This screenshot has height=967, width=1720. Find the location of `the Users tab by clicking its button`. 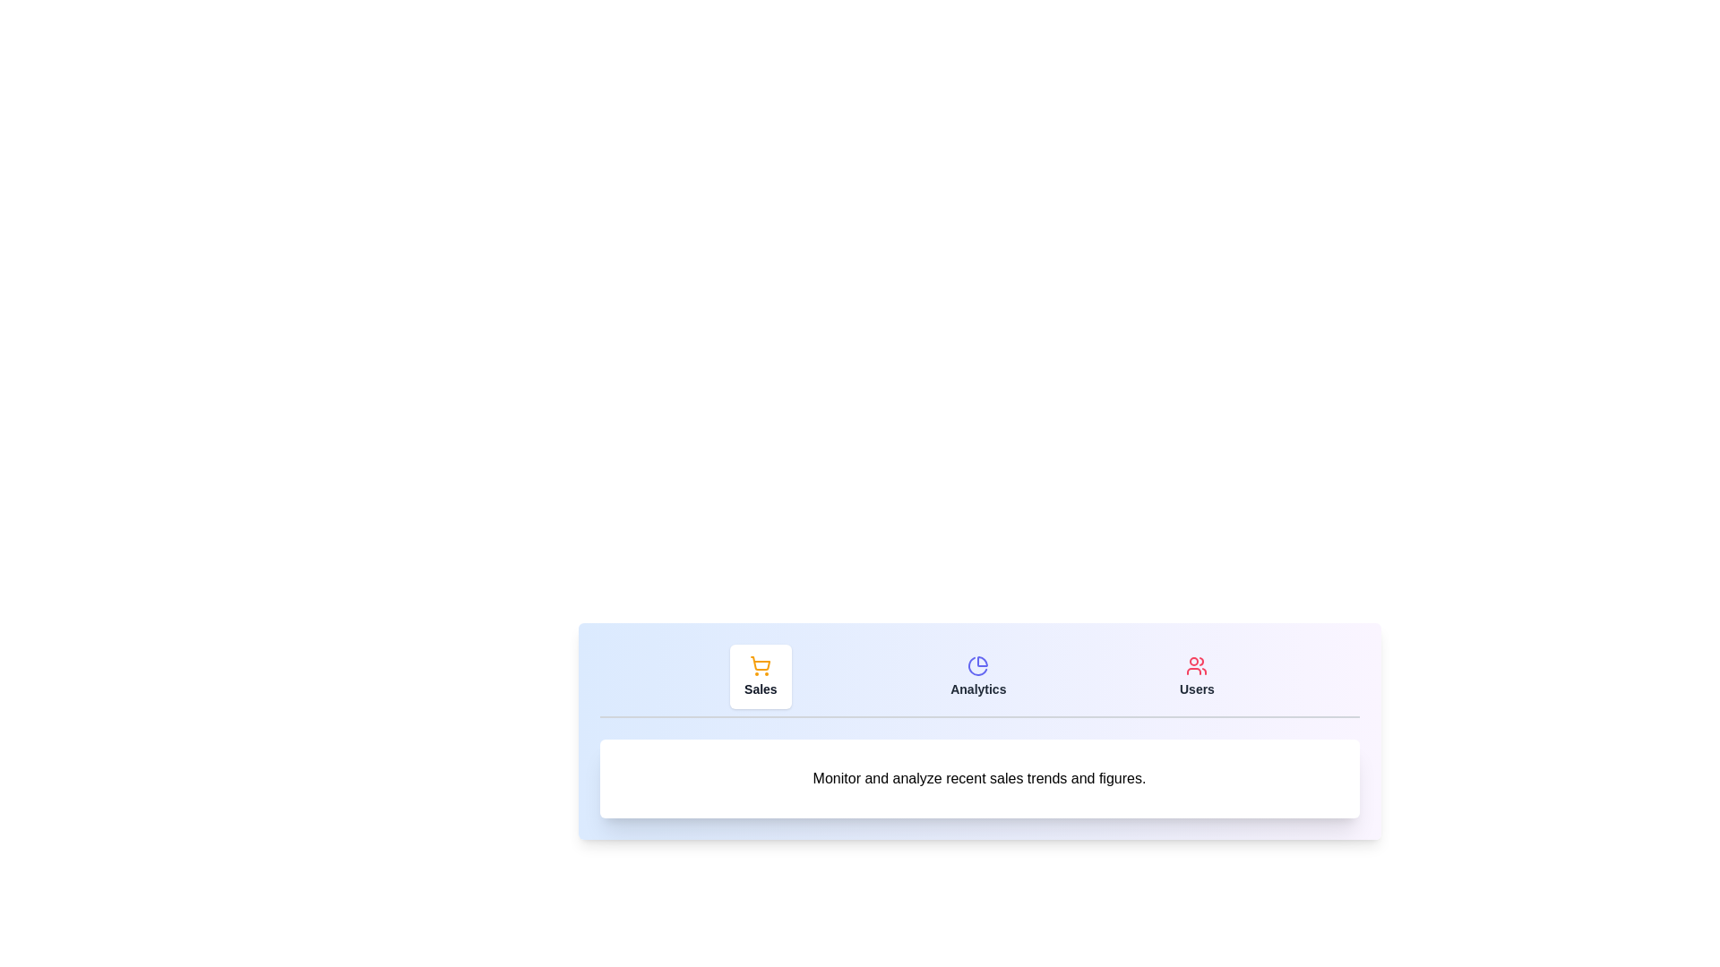

the Users tab by clicking its button is located at coordinates (1197, 677).